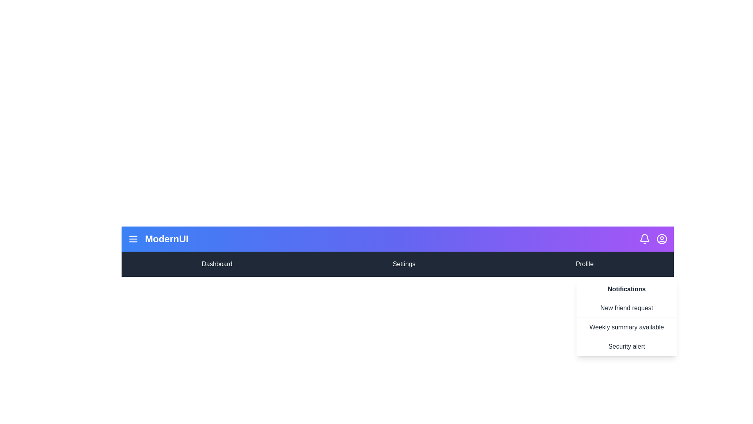 The height and width of the screenshot is (424, 753). I want to click on the menu item Profile to select it, so click(584, 264).